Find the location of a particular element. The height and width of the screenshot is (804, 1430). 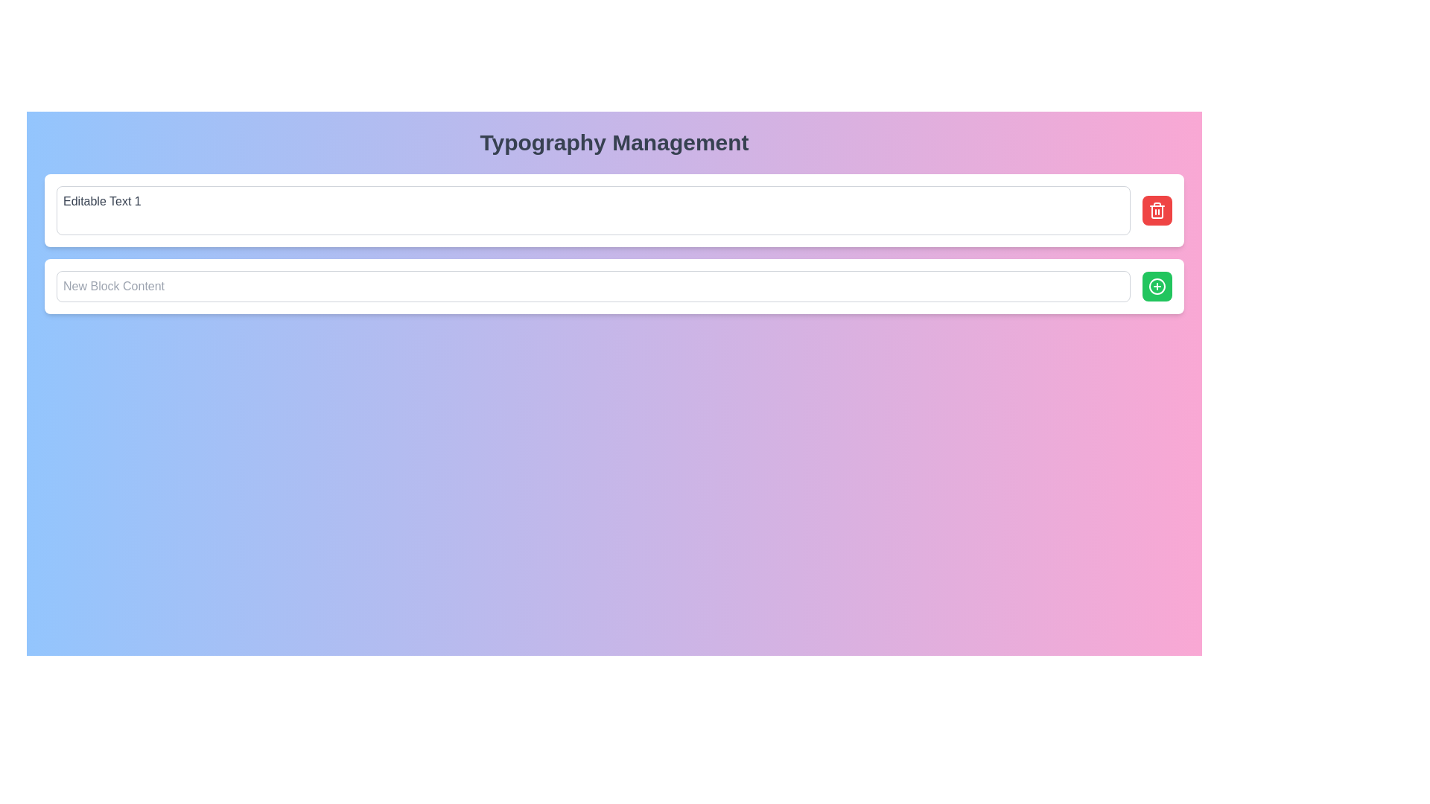

the red delete button with a white trash can icon located at the far right end of the input field labeled 'Editable Text 1' is located at coordinates (1157, 210).